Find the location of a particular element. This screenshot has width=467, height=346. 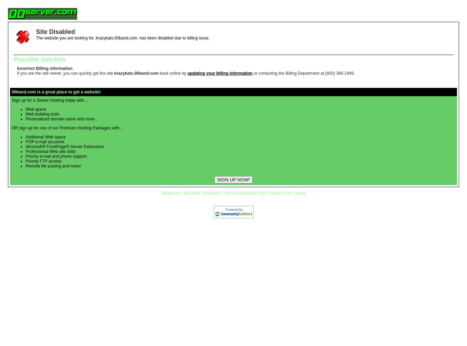

'back online by' is located at coordinates (173, 73).